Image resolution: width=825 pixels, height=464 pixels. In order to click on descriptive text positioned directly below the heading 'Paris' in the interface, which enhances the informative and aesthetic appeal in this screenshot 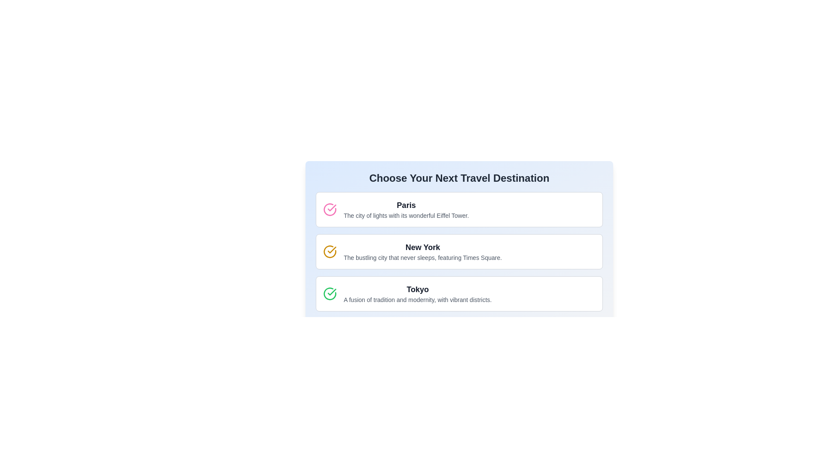, I will do `click(406, 215)`.